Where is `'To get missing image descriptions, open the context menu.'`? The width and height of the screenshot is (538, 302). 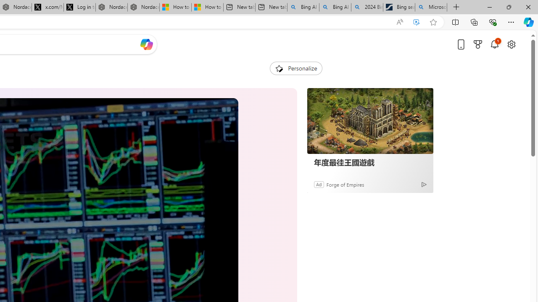
'To get missing image descriptions, open the context menu.' is located at coordinates (279, 68).